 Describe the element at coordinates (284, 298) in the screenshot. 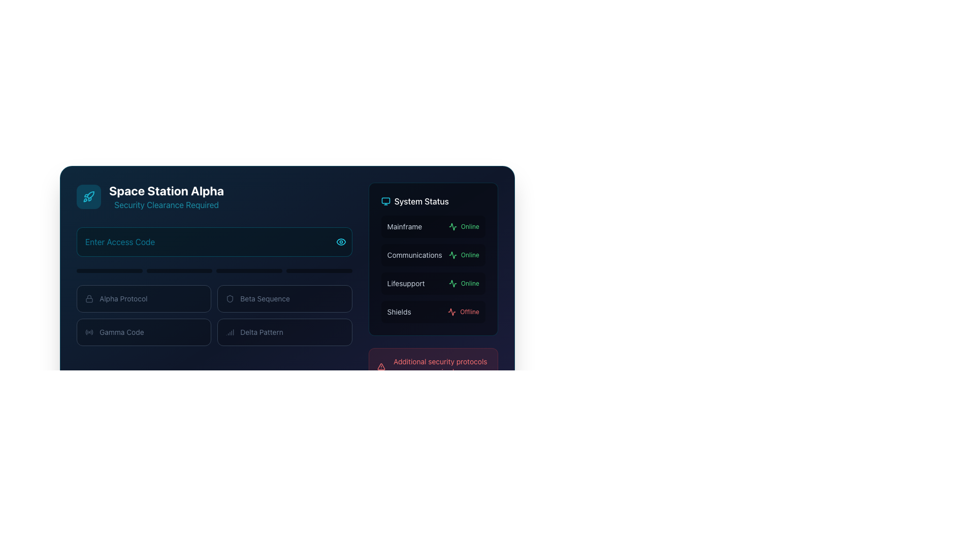

I see `the selectable option labeled 'Beta Sequence' which is the second item in a horizontal array located in the lower left quadrant of the interface` at that location.